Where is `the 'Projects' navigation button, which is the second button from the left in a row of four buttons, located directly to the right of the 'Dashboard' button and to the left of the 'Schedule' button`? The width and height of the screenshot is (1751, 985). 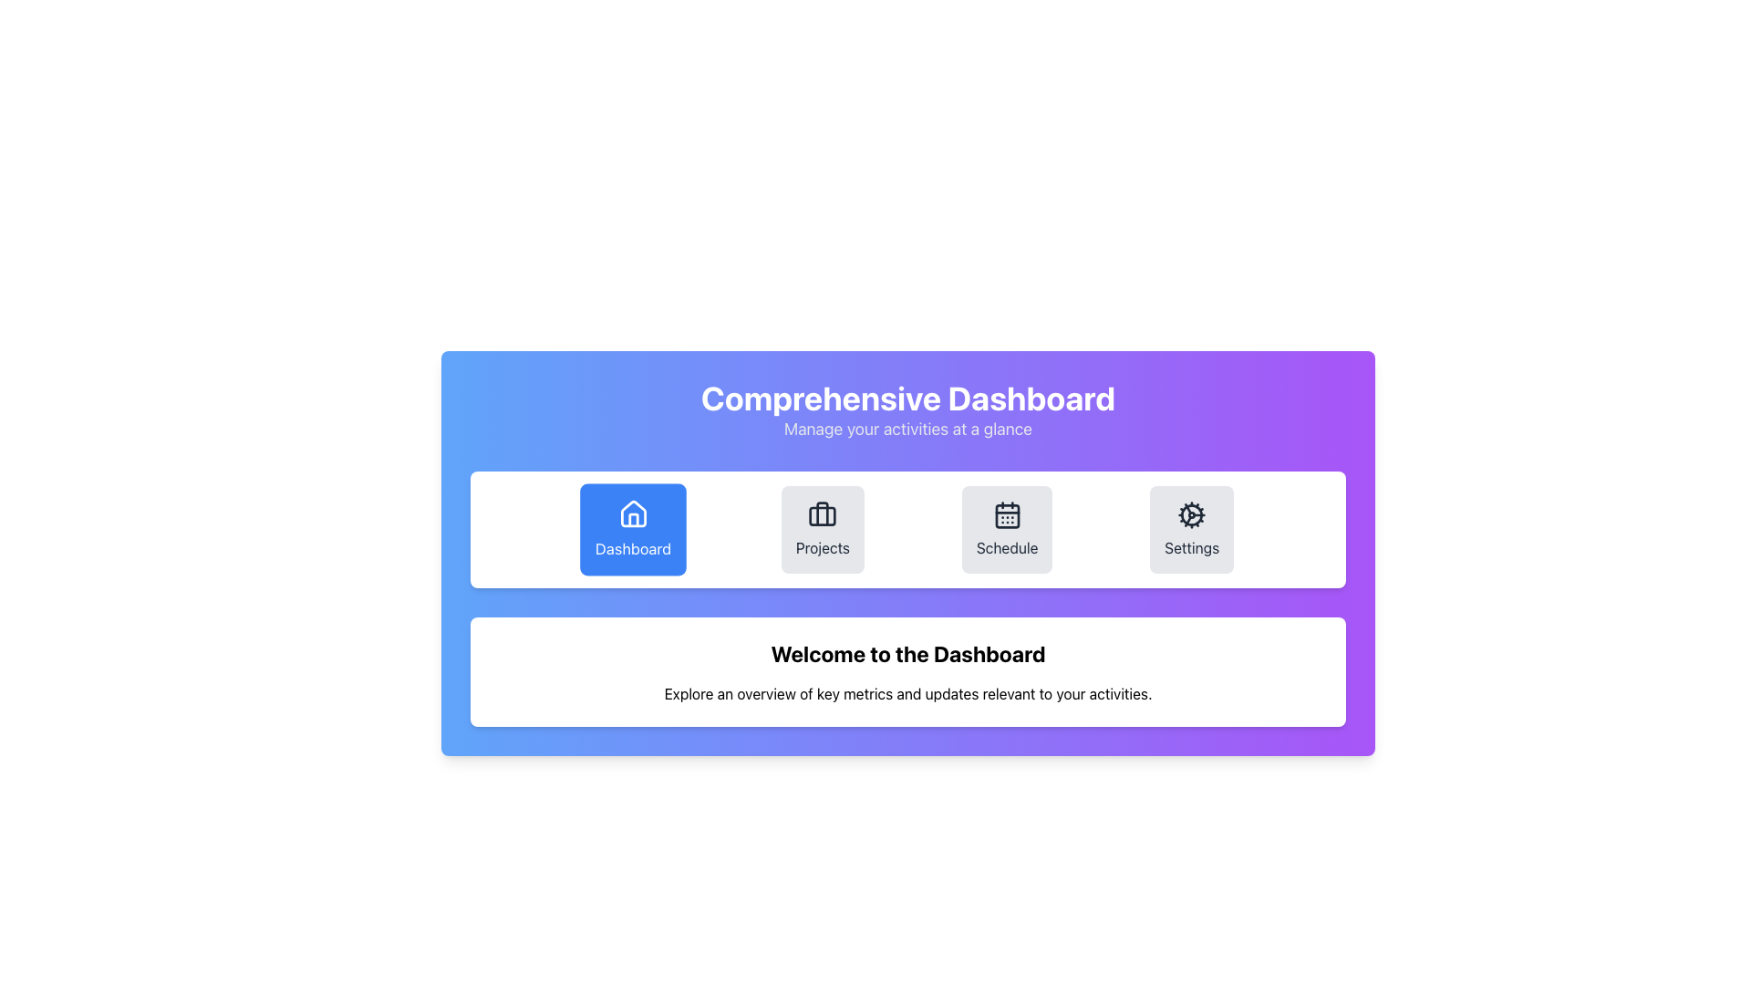 the 'Projects' navigation button, which is the second button from the left in a row of four buttons, located directly to the right of the 'Dashboard' button and to the left of the 'Schedule' button is located at coordinates (822, 530).